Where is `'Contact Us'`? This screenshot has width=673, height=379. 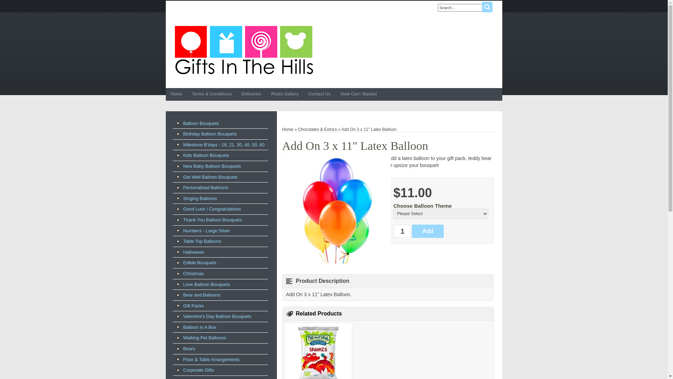 'Contact Us' is located at coordinates (319, 94).